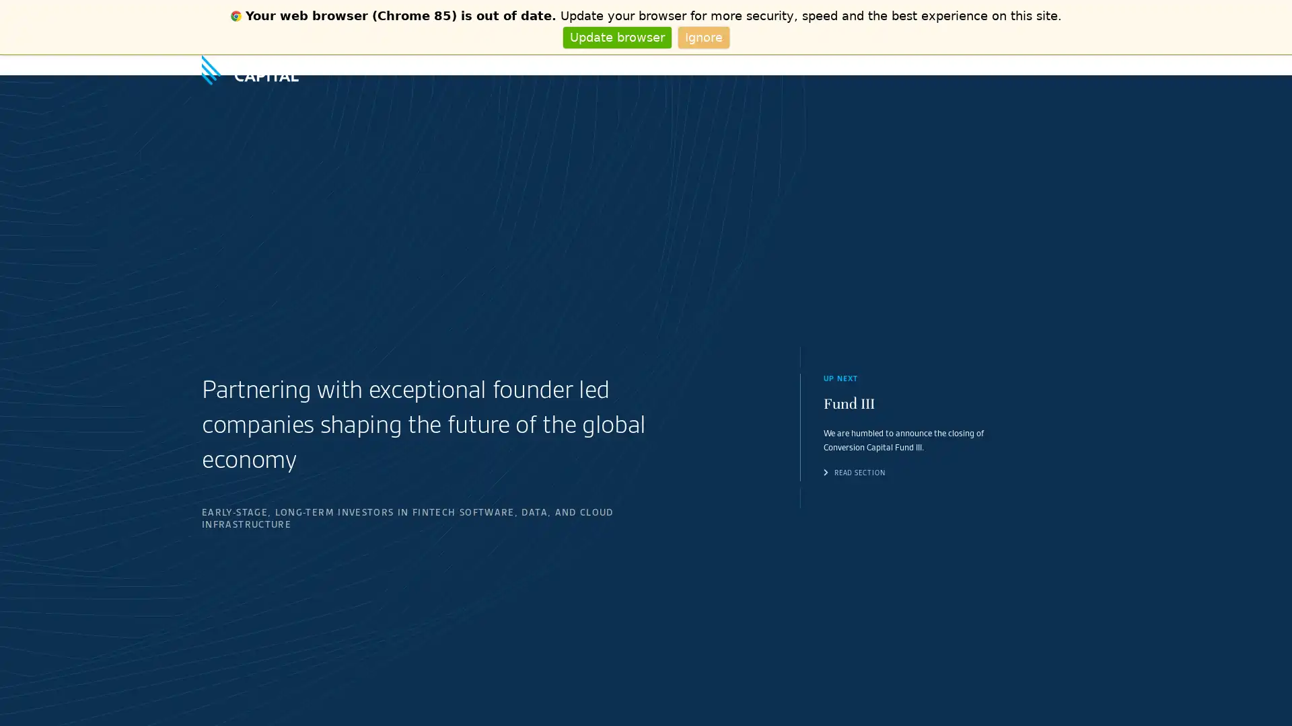 The height and width of the screenshot is (726, 1292). What do you see at coordinates (703, 36) in the screenshot?
I see `Ignore` at bounding box center [703, 36].